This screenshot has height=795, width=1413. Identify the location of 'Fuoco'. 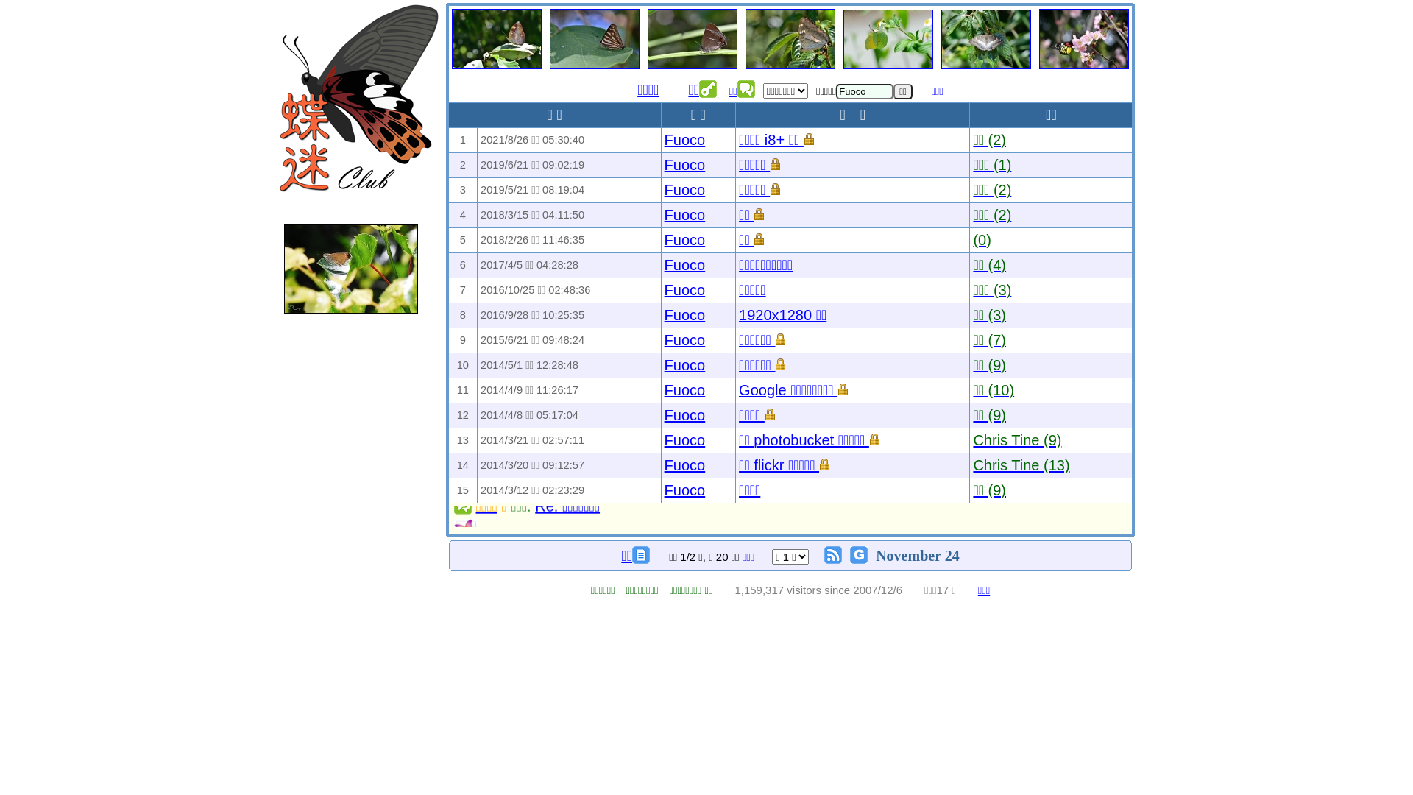
(684, 465).